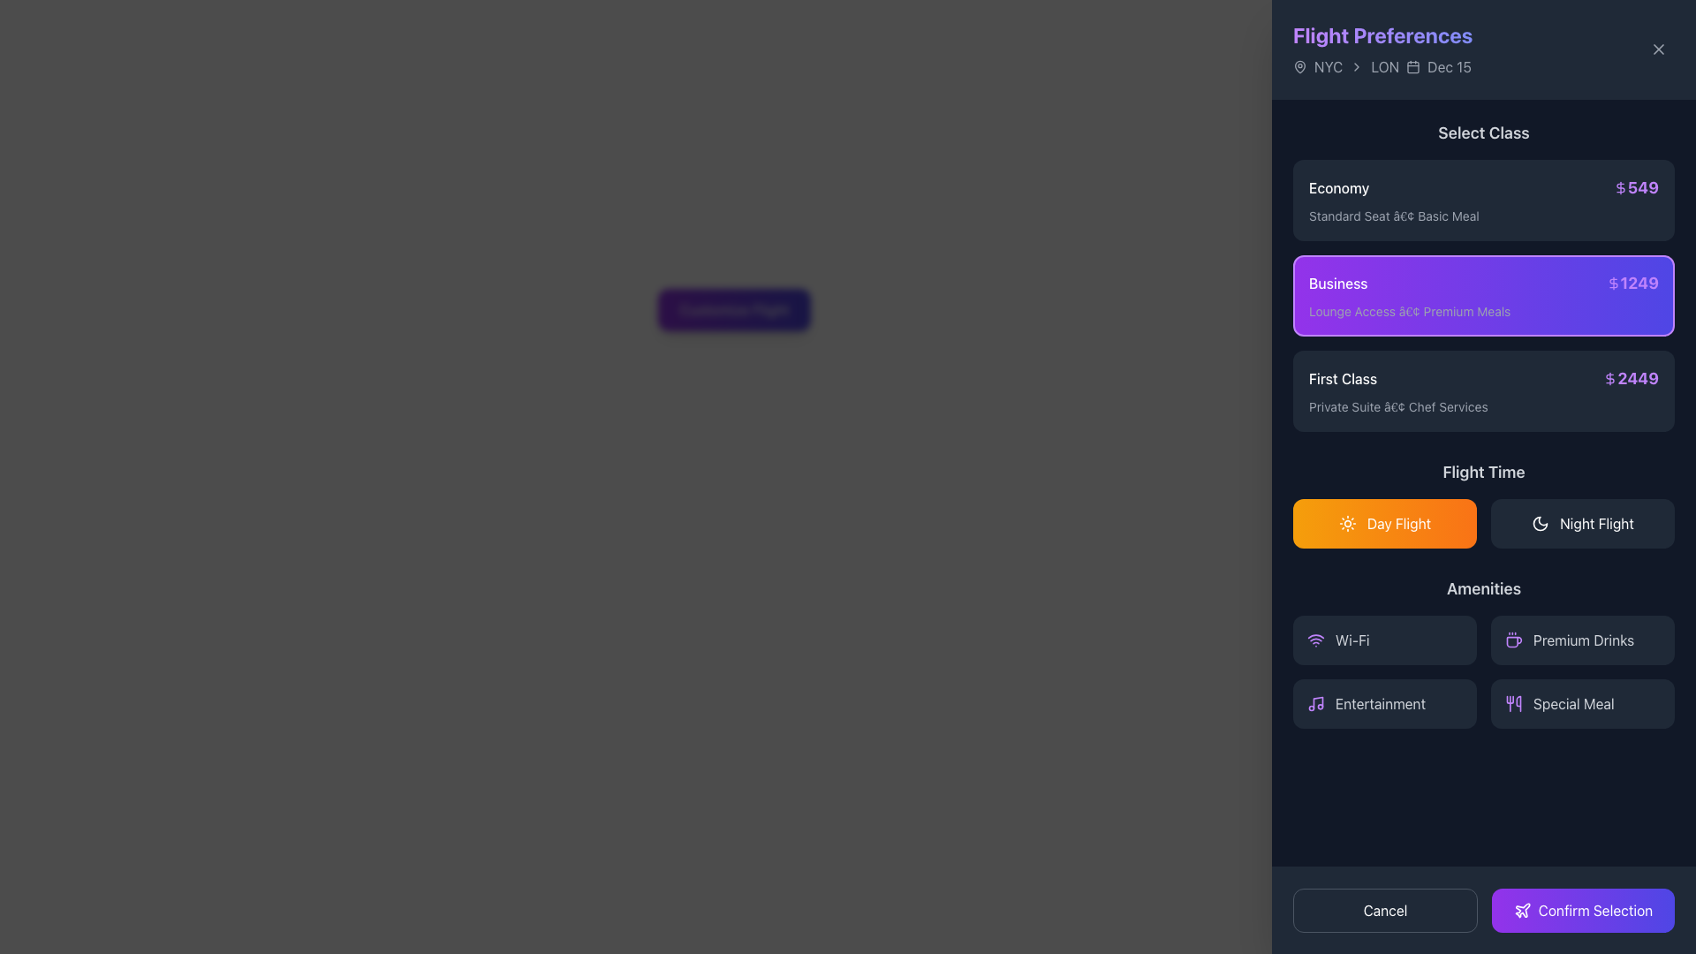 The image size is (1696, 954). What do you see at coordinates (1343, 377) in the screenshot?
I see `the 'First Class' label that displays text in a medium-weight font style, located in the top-left portion of the flight class options section with a dark background and white text` at bounding box center [1343, 377].